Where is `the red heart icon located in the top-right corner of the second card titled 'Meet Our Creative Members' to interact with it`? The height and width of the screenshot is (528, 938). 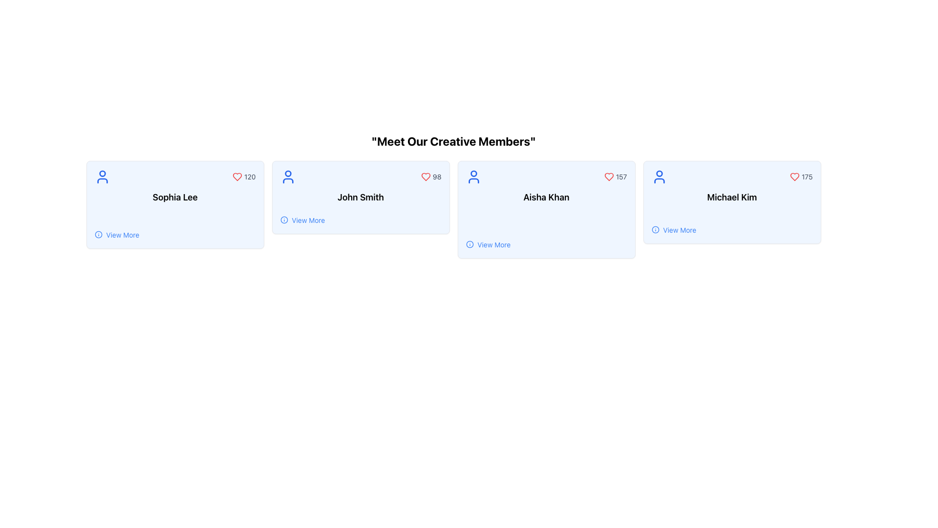
the red heart icon located in the top-right corner of the second card titled 'Meet Our Creative Members' to interact with it is located at coordinates (430, 177).